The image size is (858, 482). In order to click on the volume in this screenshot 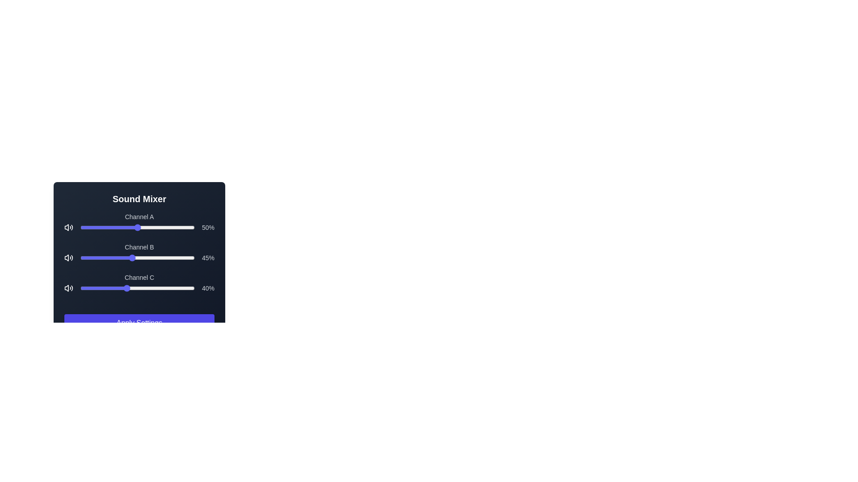, I will do `click(135, 227)`.